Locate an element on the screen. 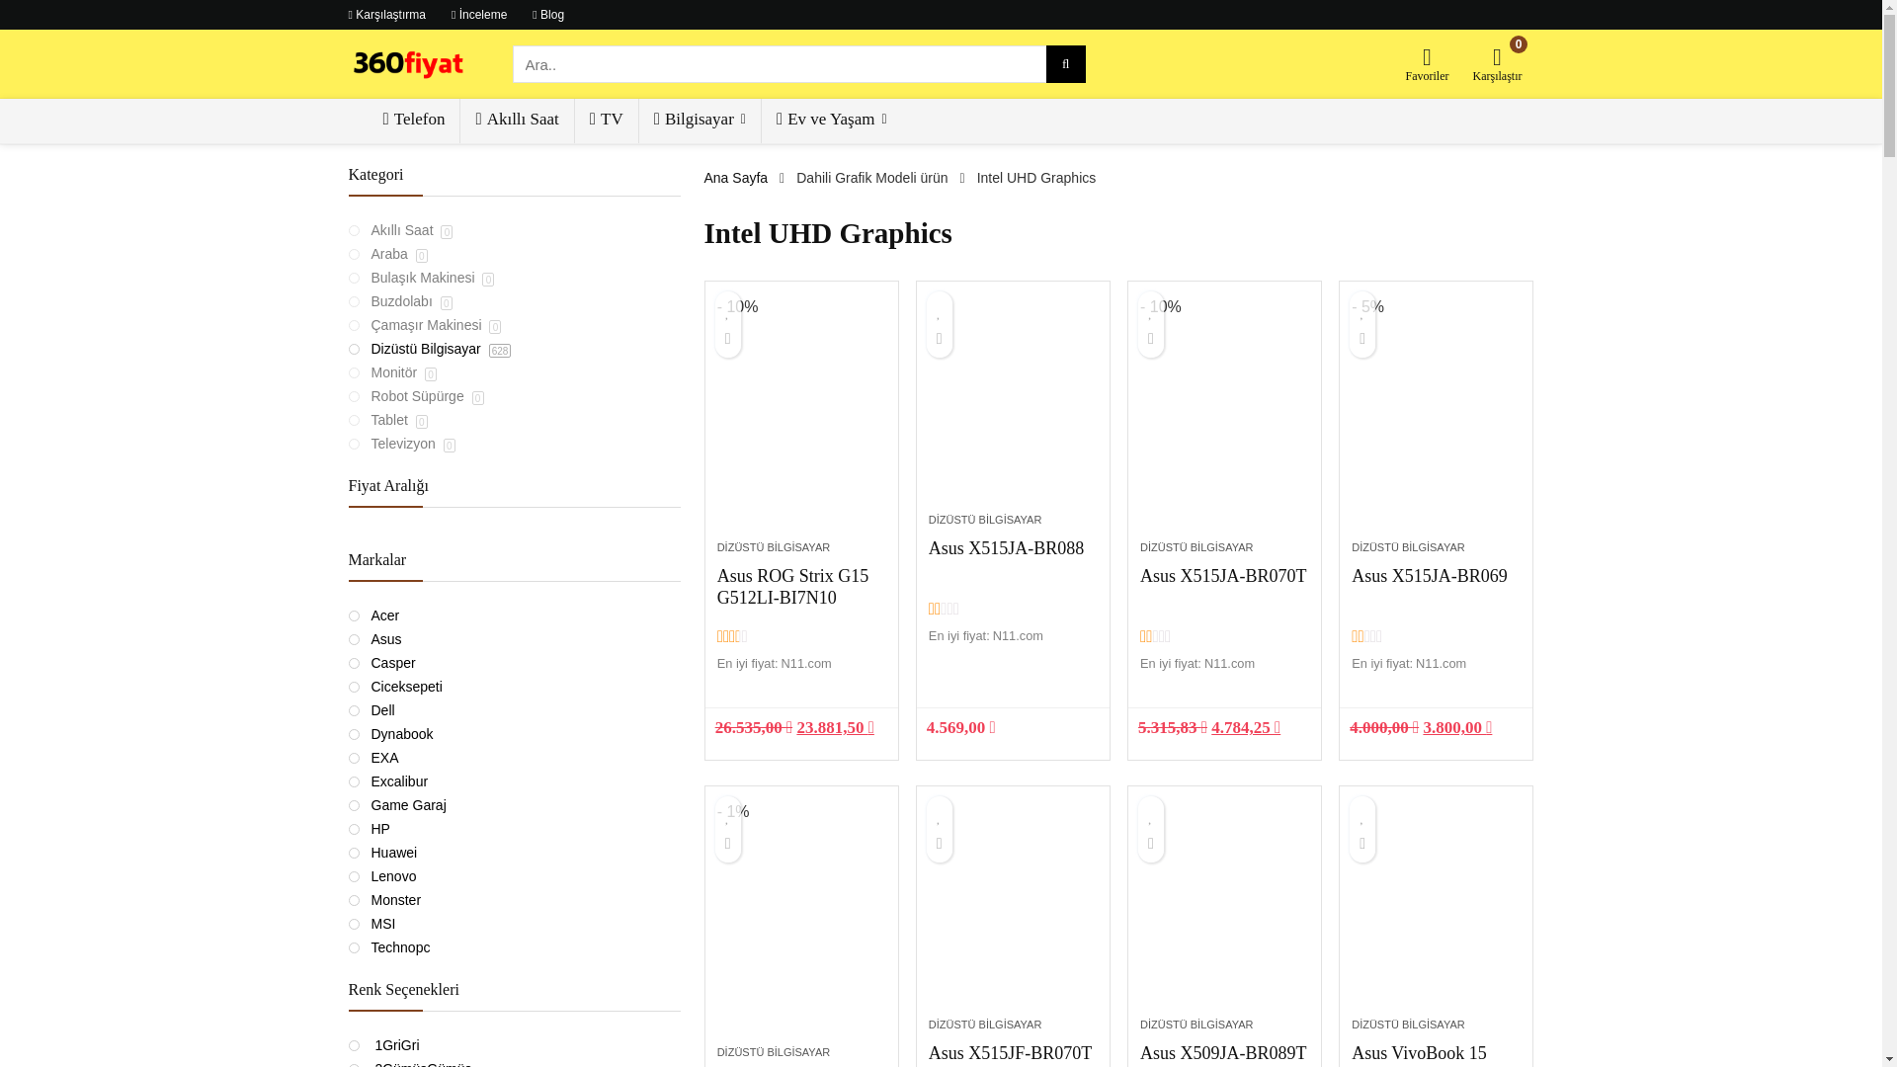  'Bilgisayar' is located at coordinates (700, 121).